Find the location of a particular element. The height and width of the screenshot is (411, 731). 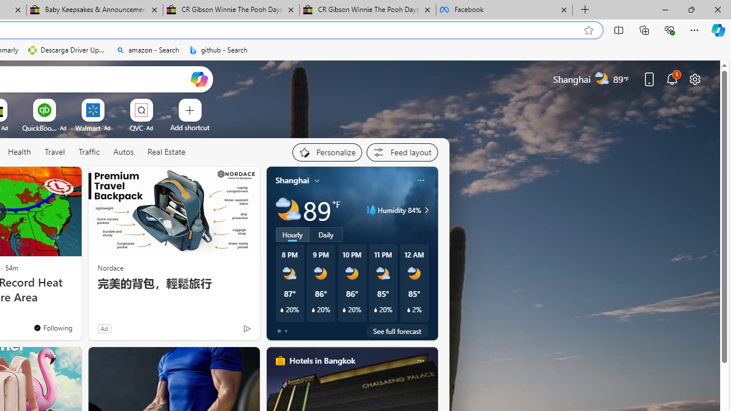

'Hide this story' is located at coordinates (46, 180).